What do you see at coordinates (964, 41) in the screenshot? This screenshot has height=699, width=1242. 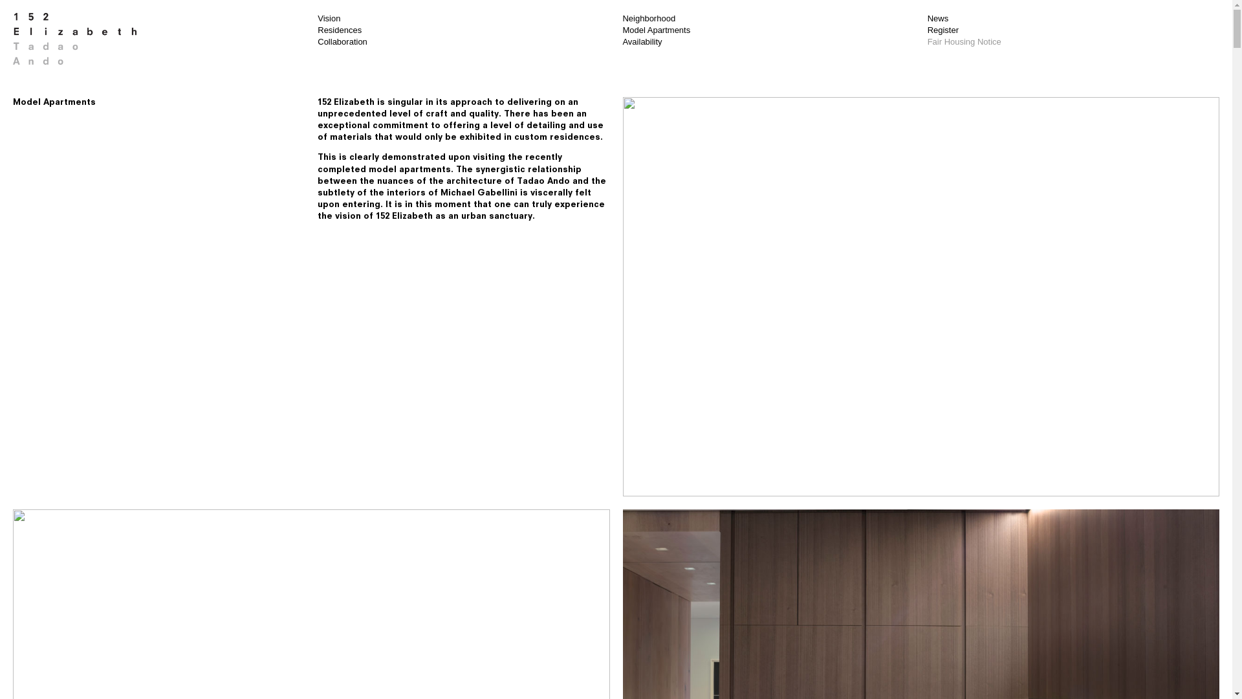 I see `'Fair Housing Notice'` at bounding box center [964, 41].